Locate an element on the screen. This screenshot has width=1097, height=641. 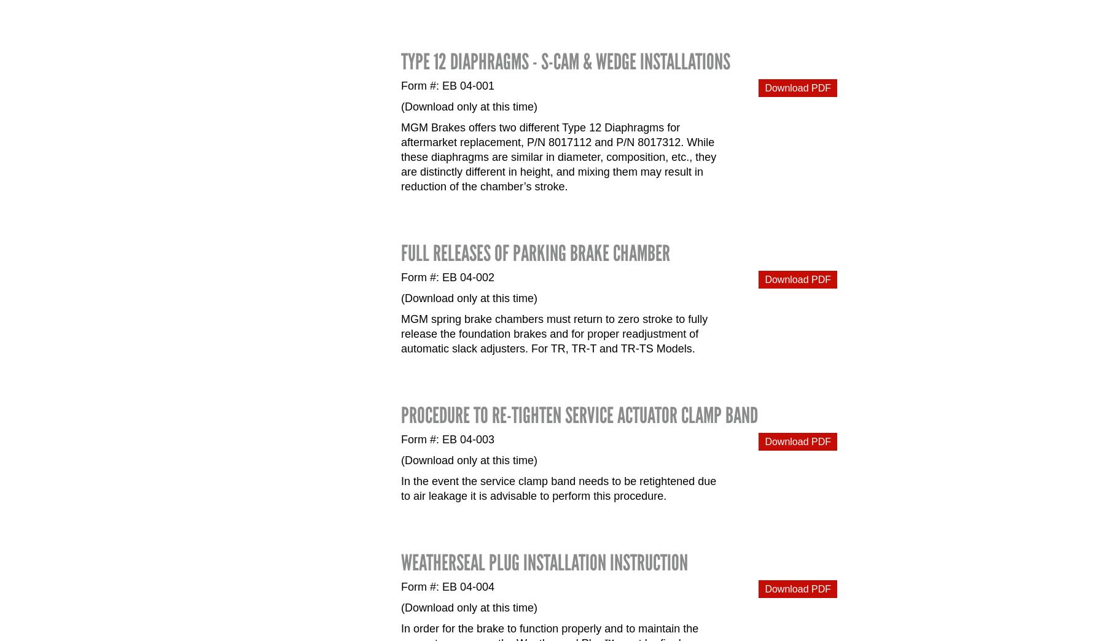
'Form #: EB 04-003' is located at coordinates (400, 438).